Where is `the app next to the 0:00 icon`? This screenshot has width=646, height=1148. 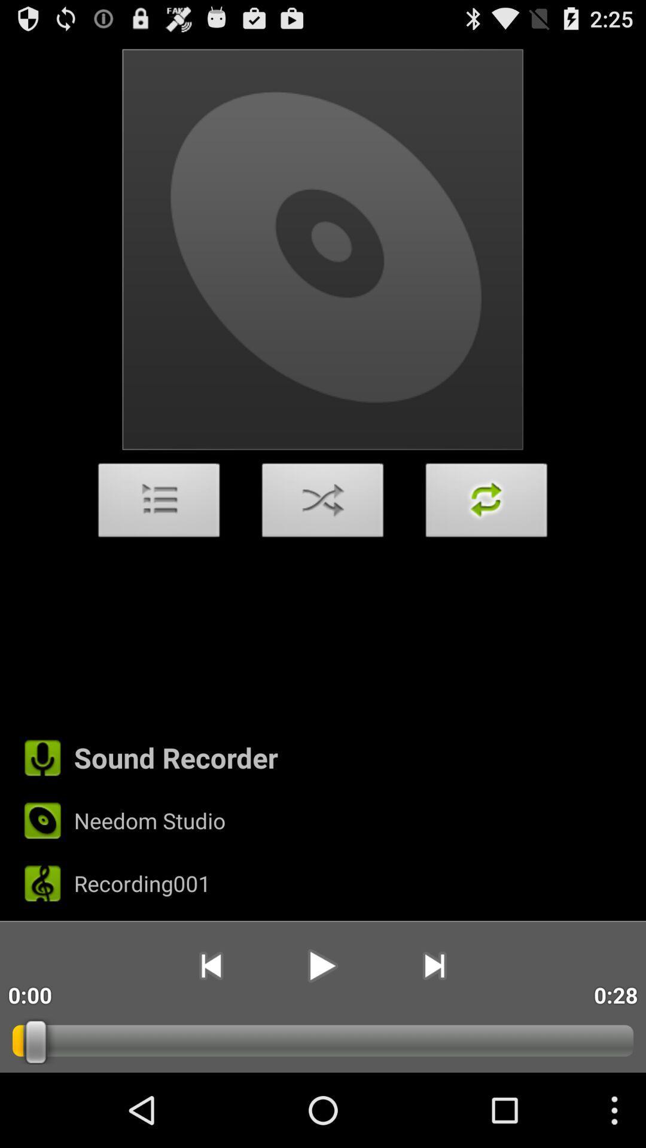
the app next to the 0:00 icon is located at coordinates (210, 966).